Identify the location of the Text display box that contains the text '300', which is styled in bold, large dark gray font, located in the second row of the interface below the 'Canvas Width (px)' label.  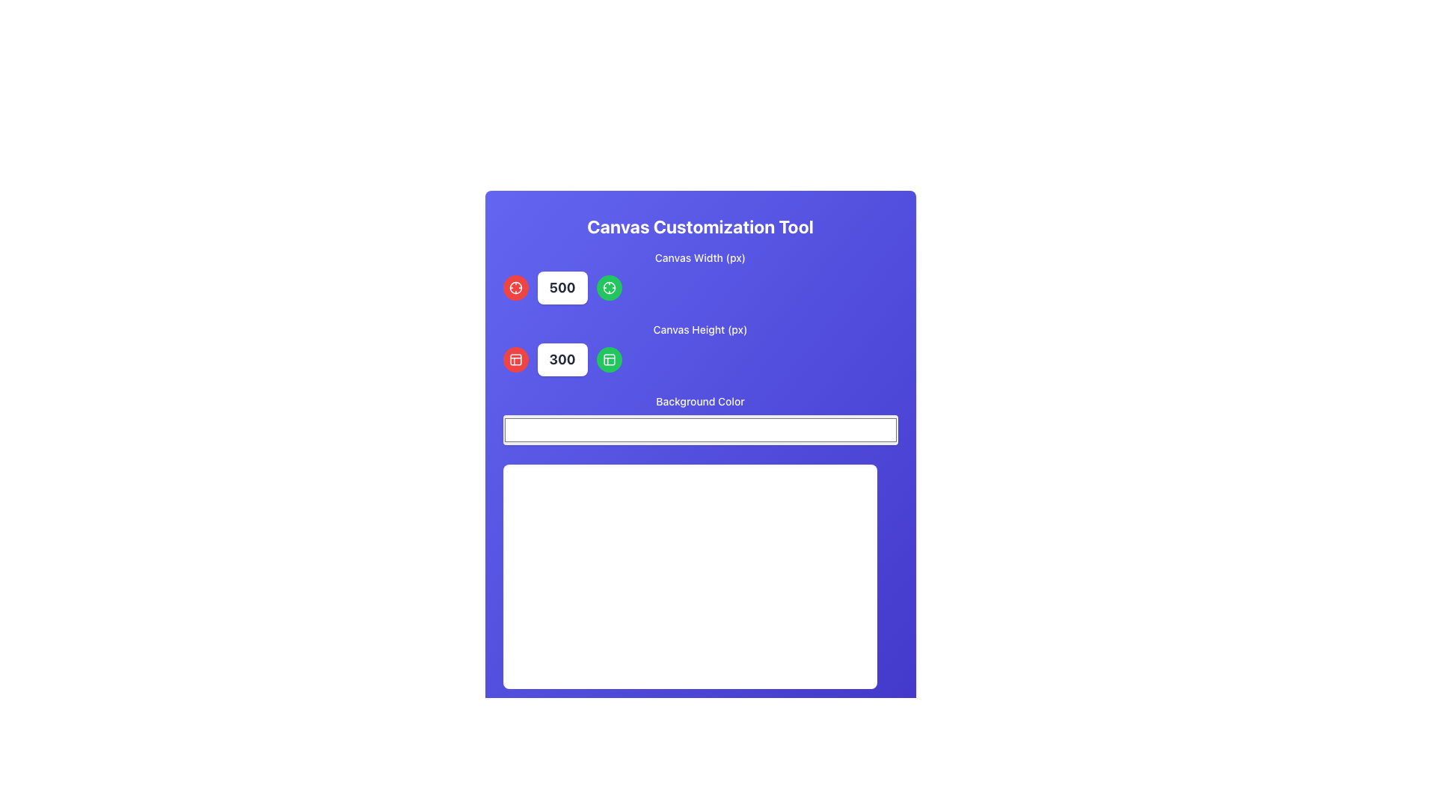
(562, 360).